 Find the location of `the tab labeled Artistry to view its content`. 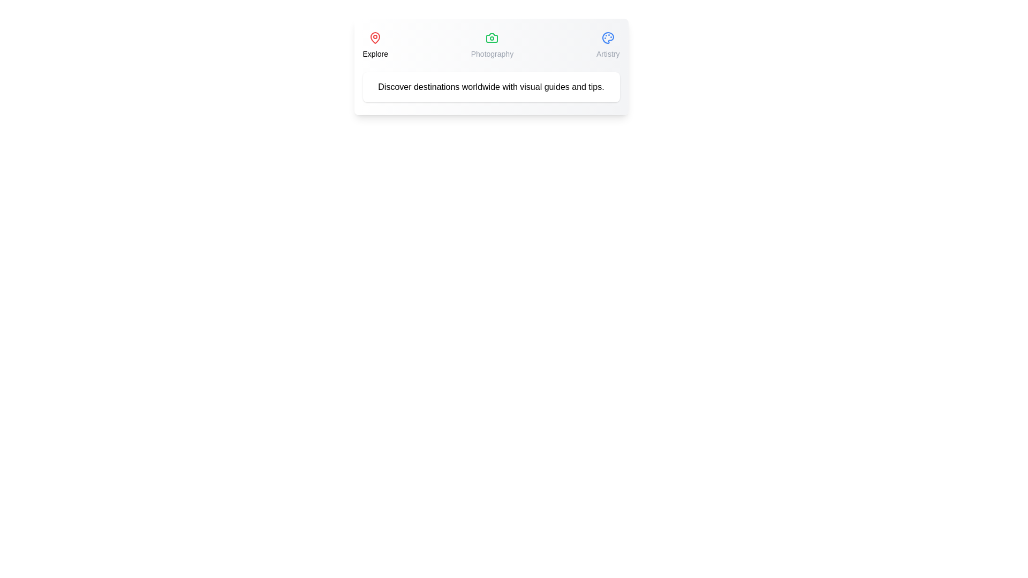

the tab labeled Artistry to view its content is located at coordinates (608, 44).